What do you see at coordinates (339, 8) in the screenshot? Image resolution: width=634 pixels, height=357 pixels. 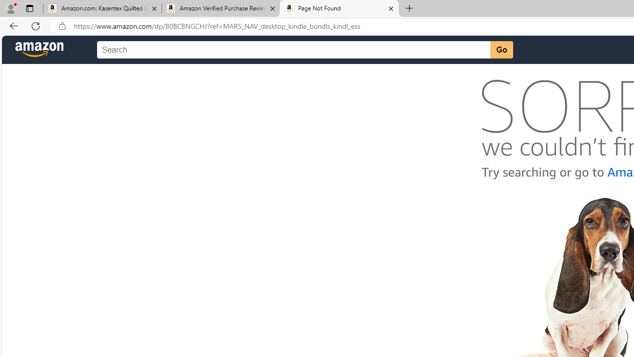 I see `'Page Not Found'` at bounding box center [339, 8].